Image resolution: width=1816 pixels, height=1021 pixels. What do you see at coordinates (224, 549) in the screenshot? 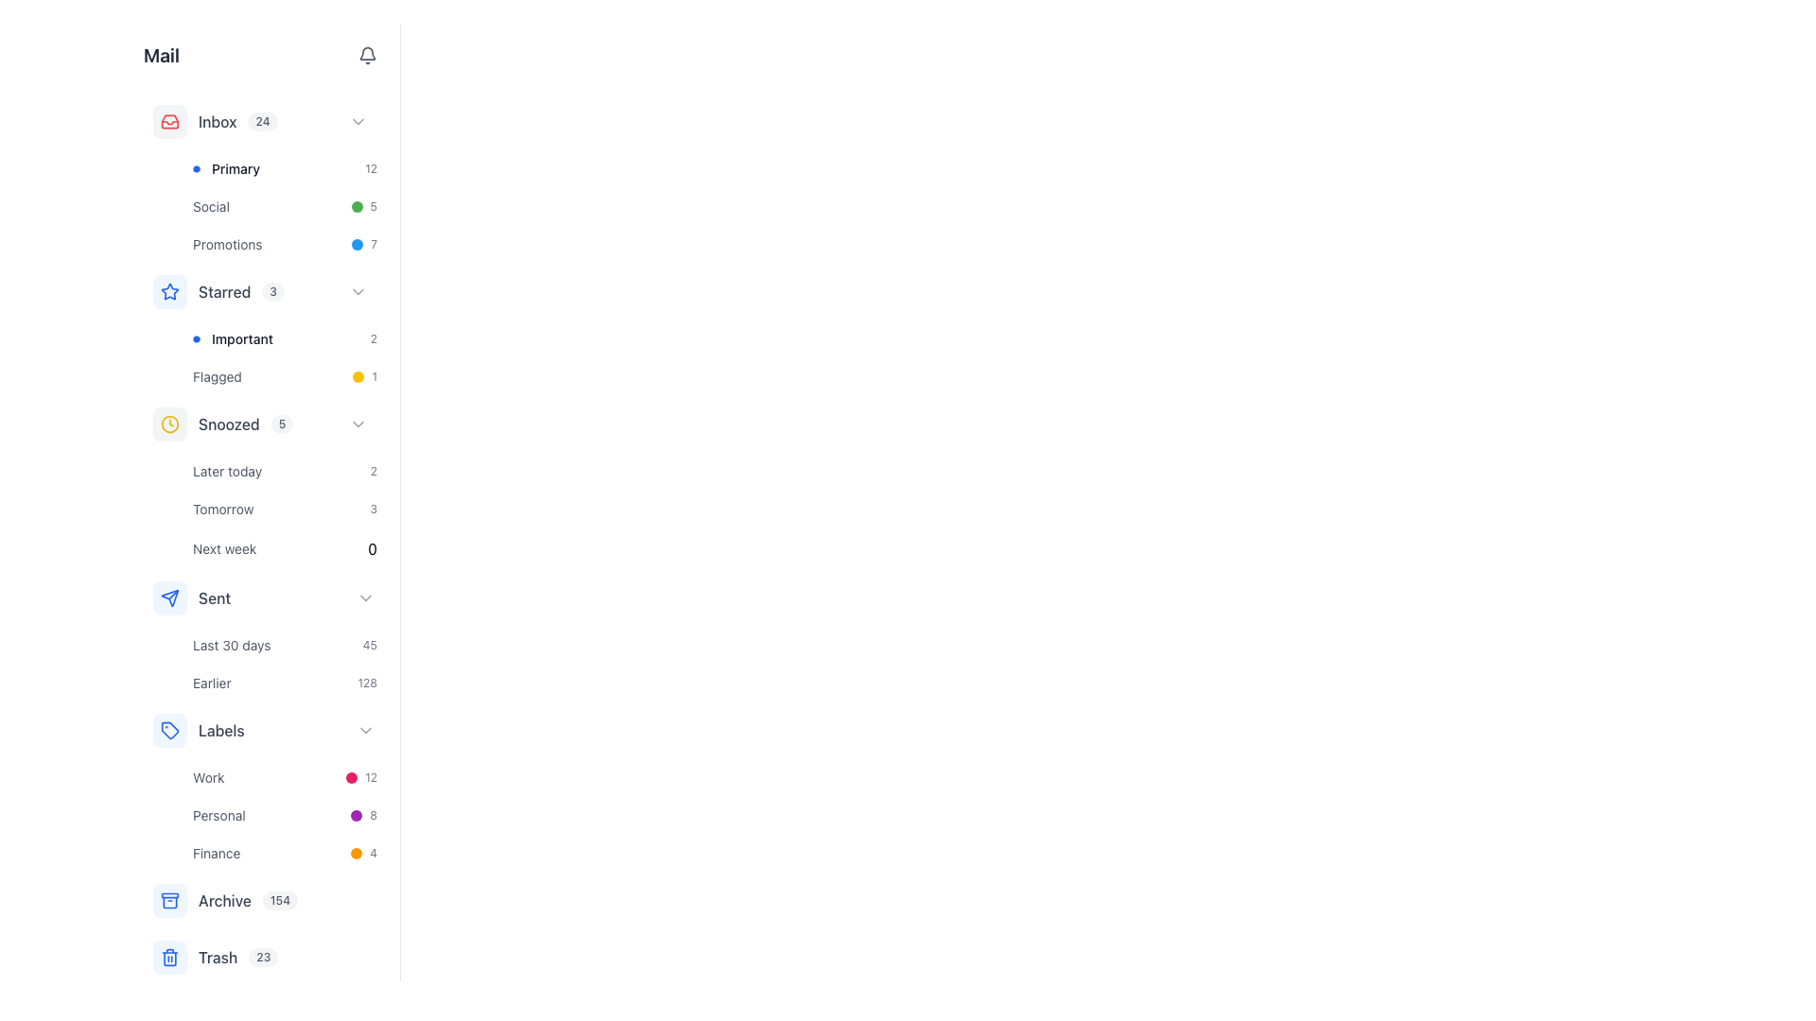
I see `the 'Next week' text label located in the 'Snoozed' section to filter items by 'Next week'` at bounding box center [224, 549].